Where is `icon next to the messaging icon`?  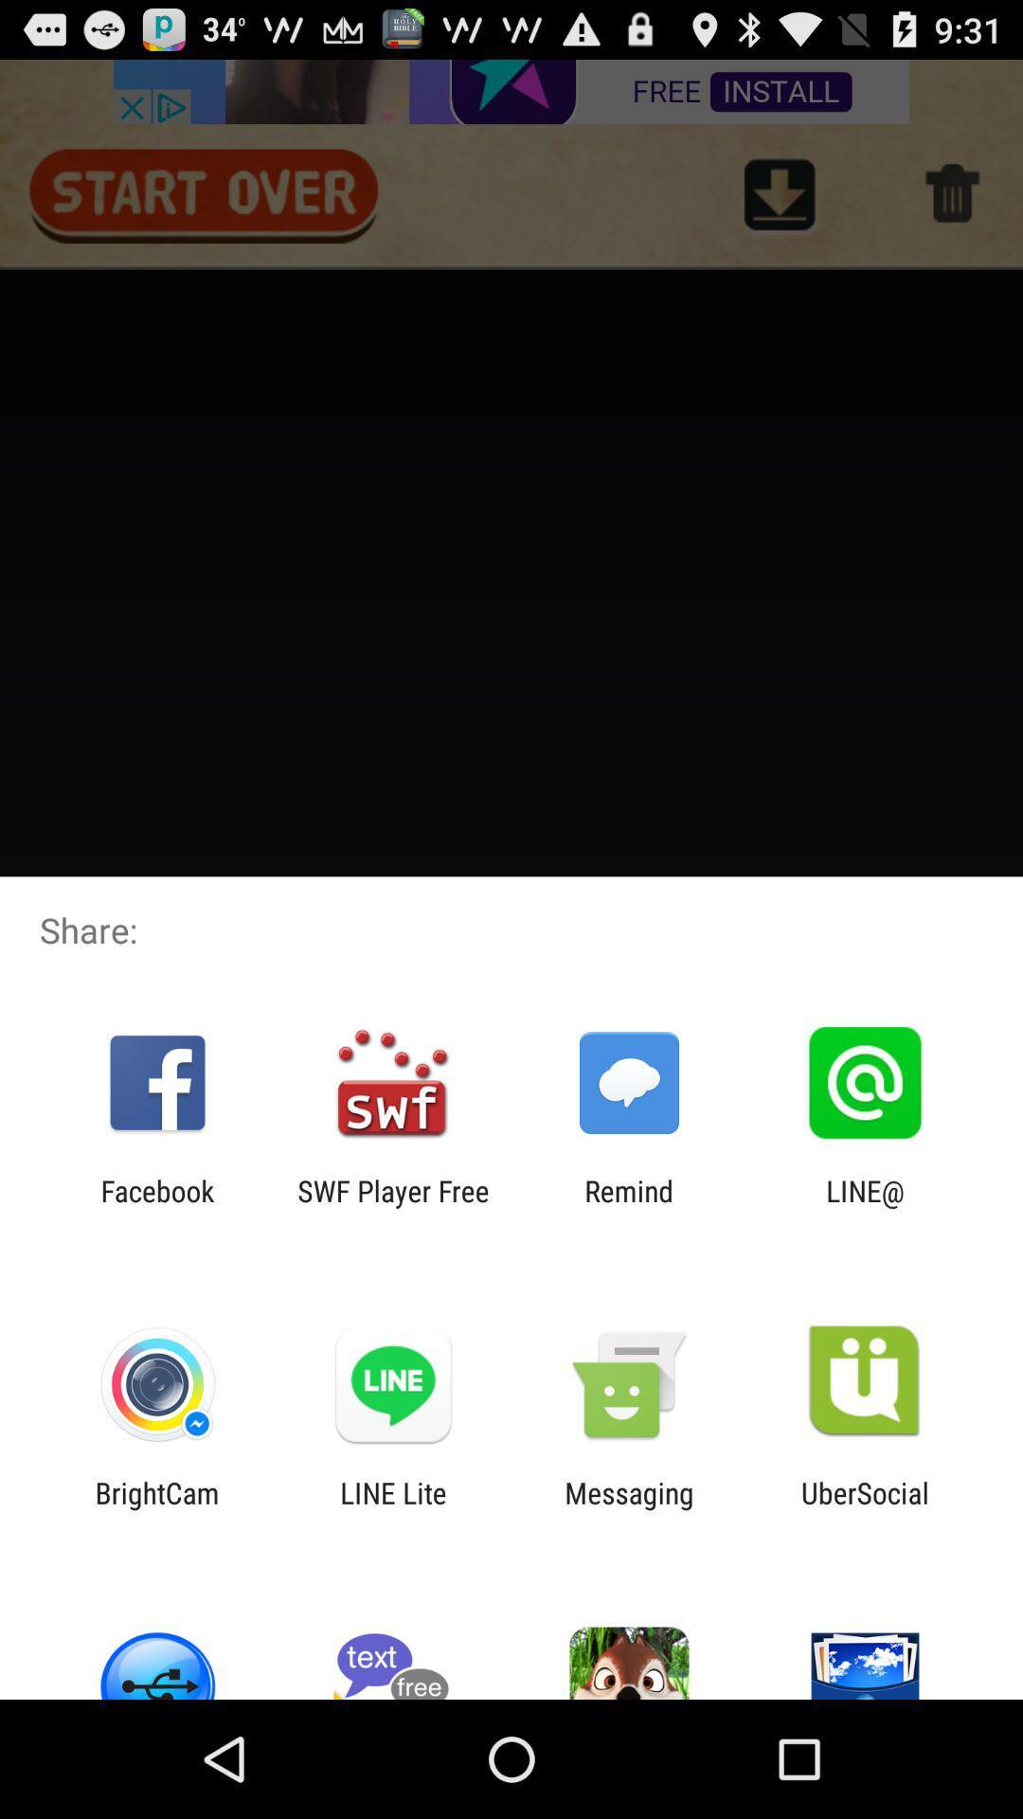
icon next to the messaging icon is located at coordinates (865, 1508).